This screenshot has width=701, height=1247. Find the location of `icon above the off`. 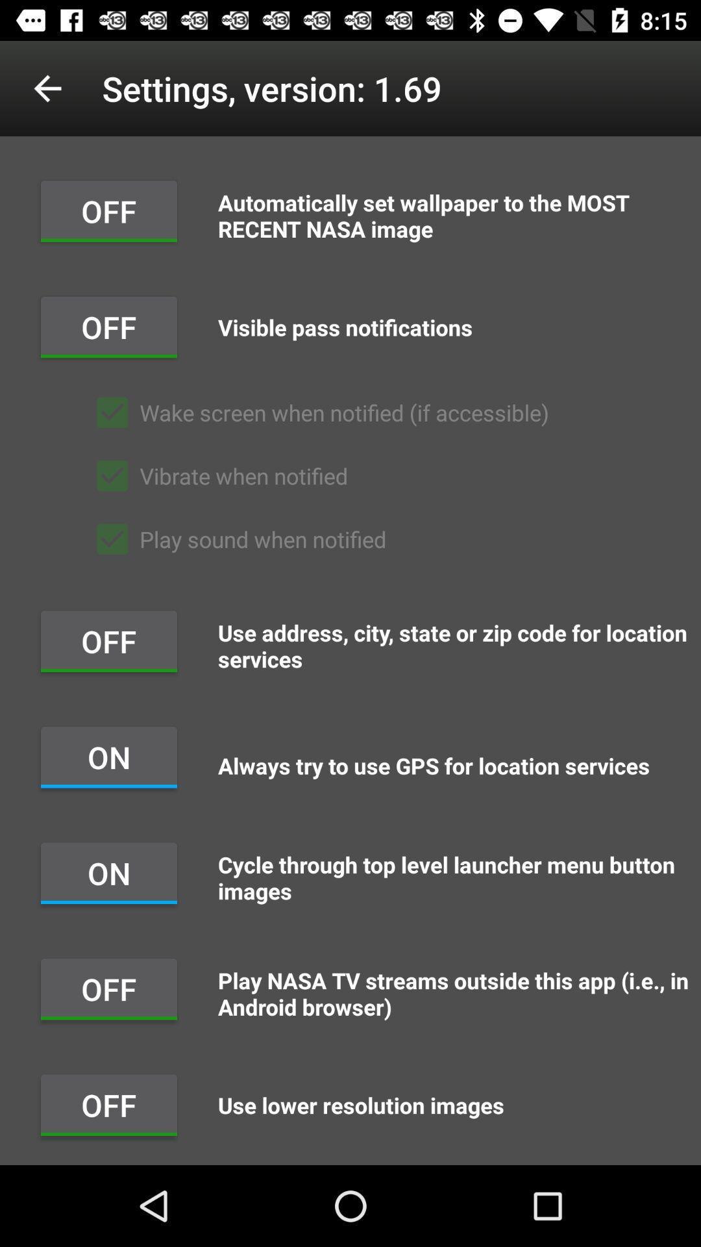

icon above the off is located at coordinates (47, 88).